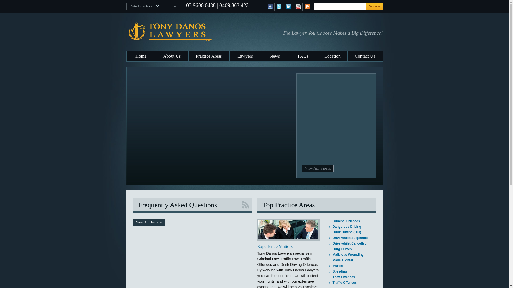 The height and width of the screenshot is (288, 513). Describe the element at coordinates (303, 56) in the screenshot. I see `'FAQs'` at that location.